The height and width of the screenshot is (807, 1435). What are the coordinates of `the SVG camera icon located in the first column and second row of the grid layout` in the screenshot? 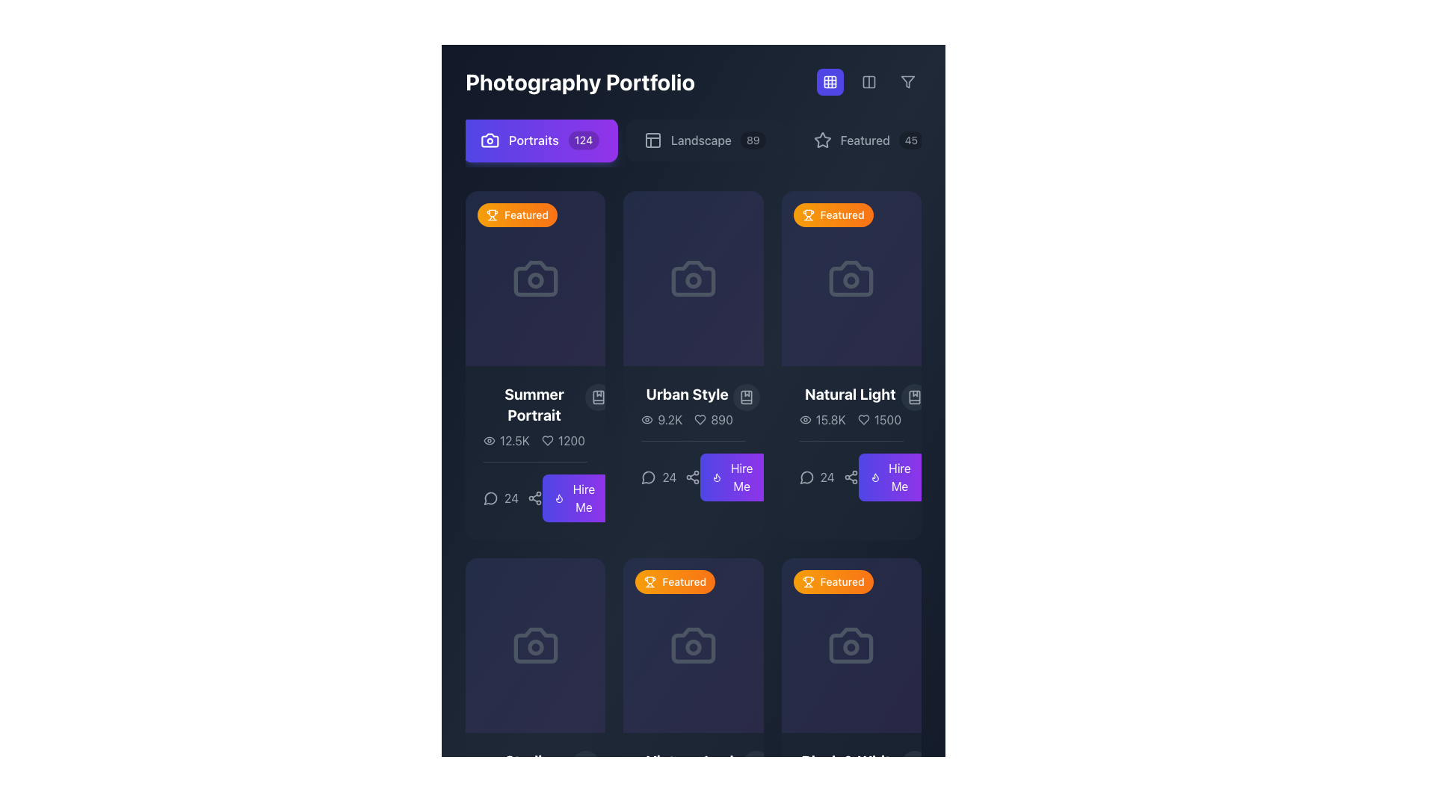 It's located at (535, 645).